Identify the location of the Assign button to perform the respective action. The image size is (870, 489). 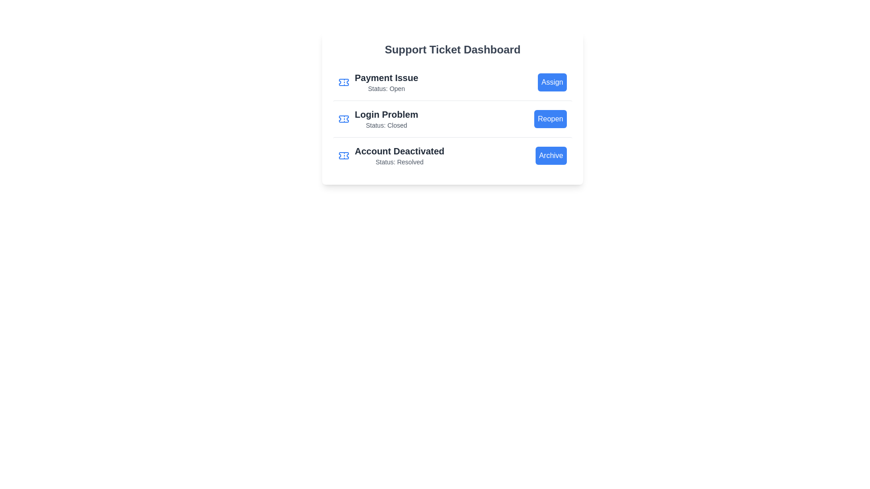
(552, 82).